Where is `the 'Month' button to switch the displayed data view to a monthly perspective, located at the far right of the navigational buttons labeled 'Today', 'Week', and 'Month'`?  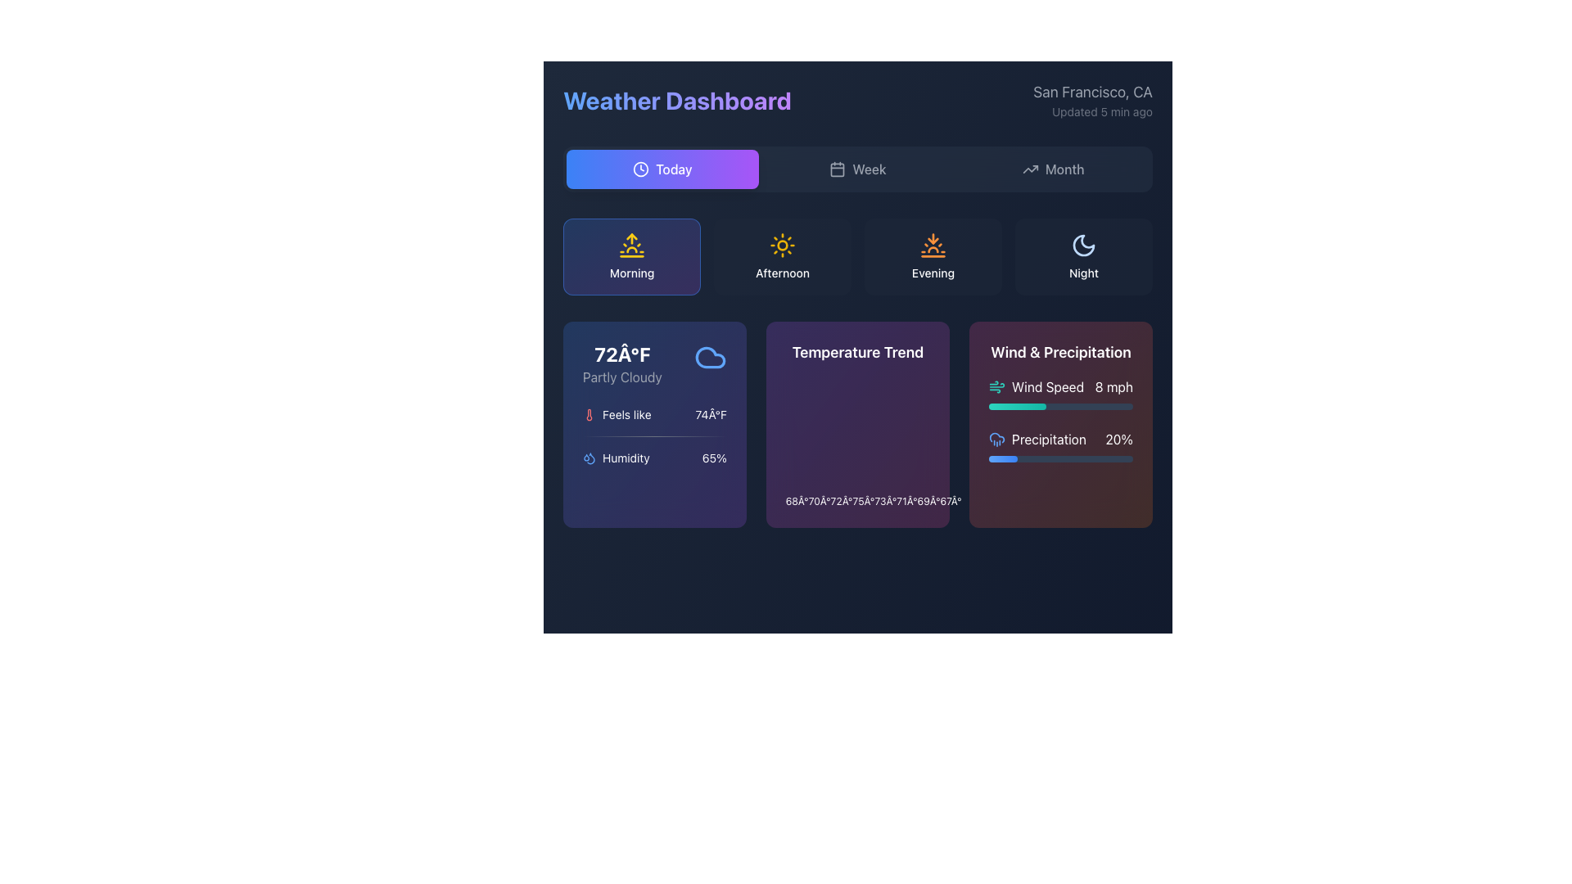 the 'Month' button to switch the displayed data view to a monthly perspective, located at the far right of the navigational buttons labeled 'Today', 'Week', and 'Month' is located at coordinates (1053, 169).